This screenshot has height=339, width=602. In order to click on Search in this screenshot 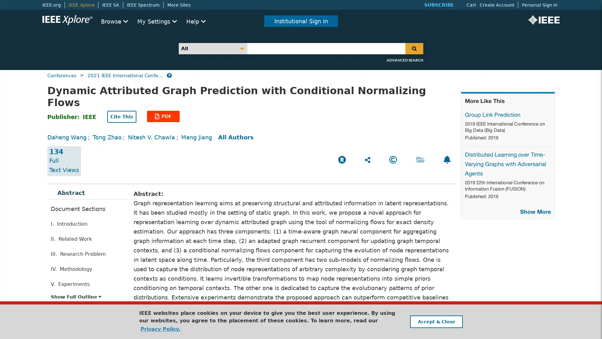, I will do `click(414, 48)`.